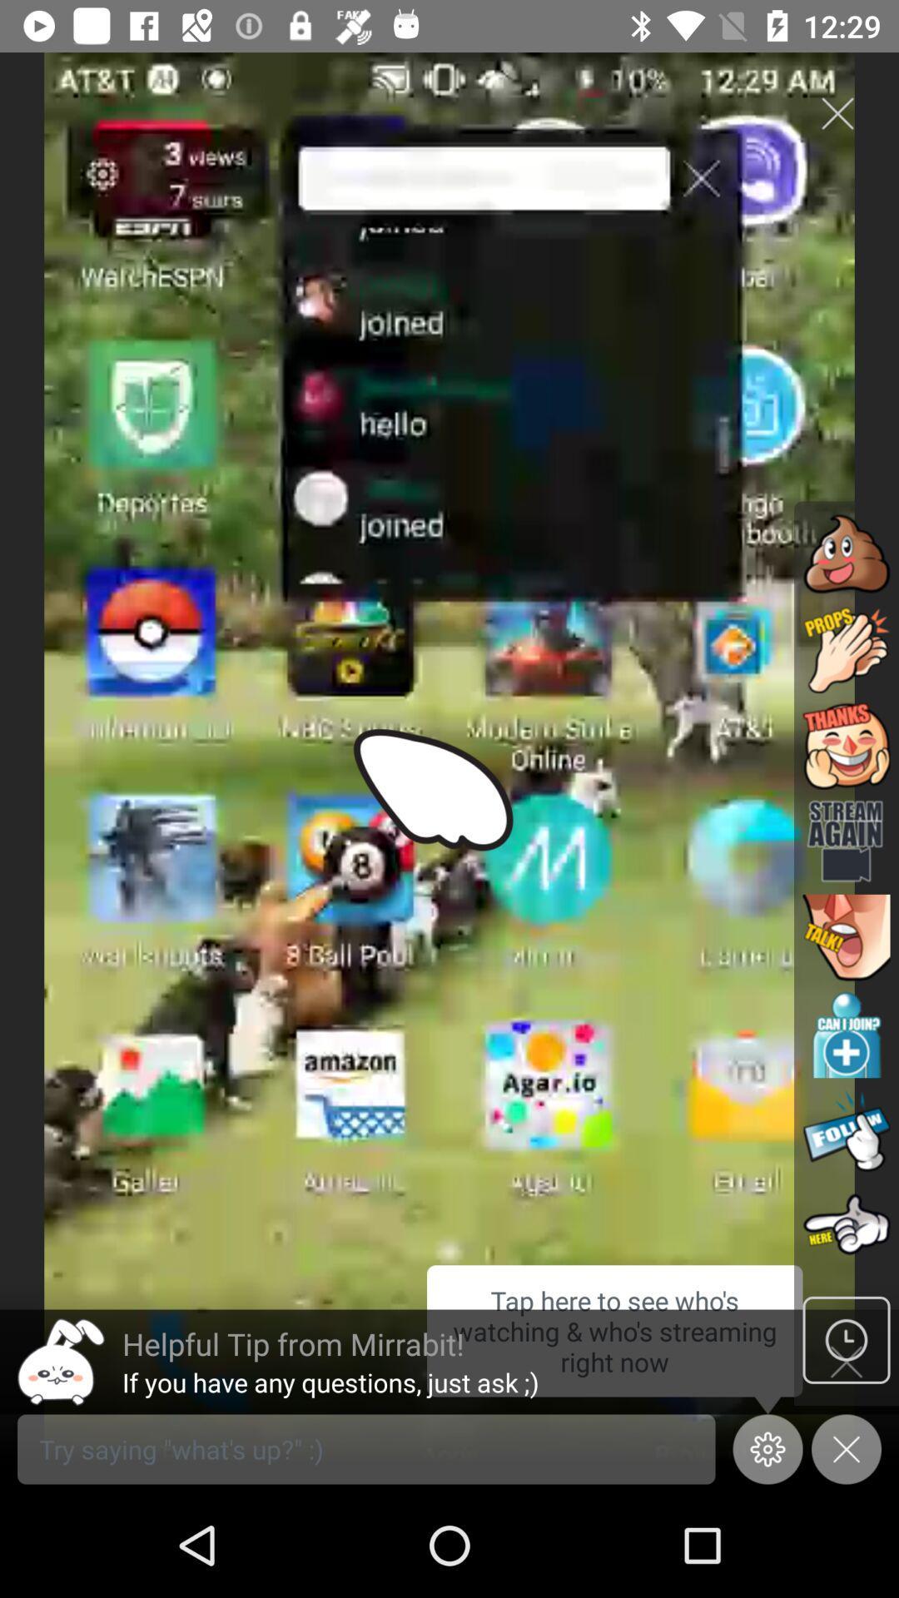 The width and height of the screenshot is (899, 1598). Describe the element at coordinates (837, 112) in the screenshot. I see `the close icon` at that location.